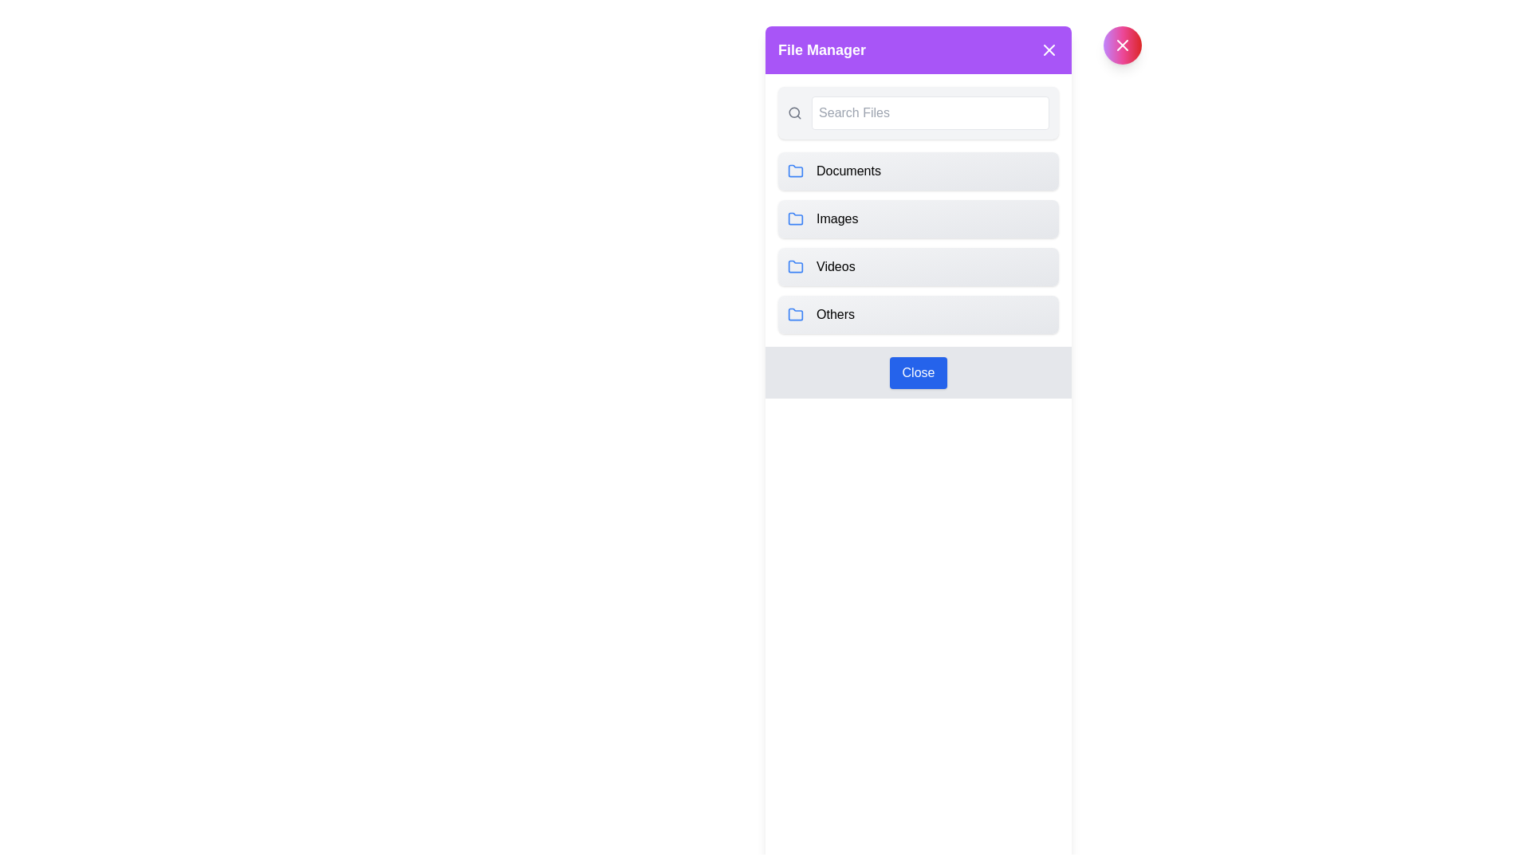 The image size is (1531, 861). I want to click on the 'Documents' text label, so click(848, 171).